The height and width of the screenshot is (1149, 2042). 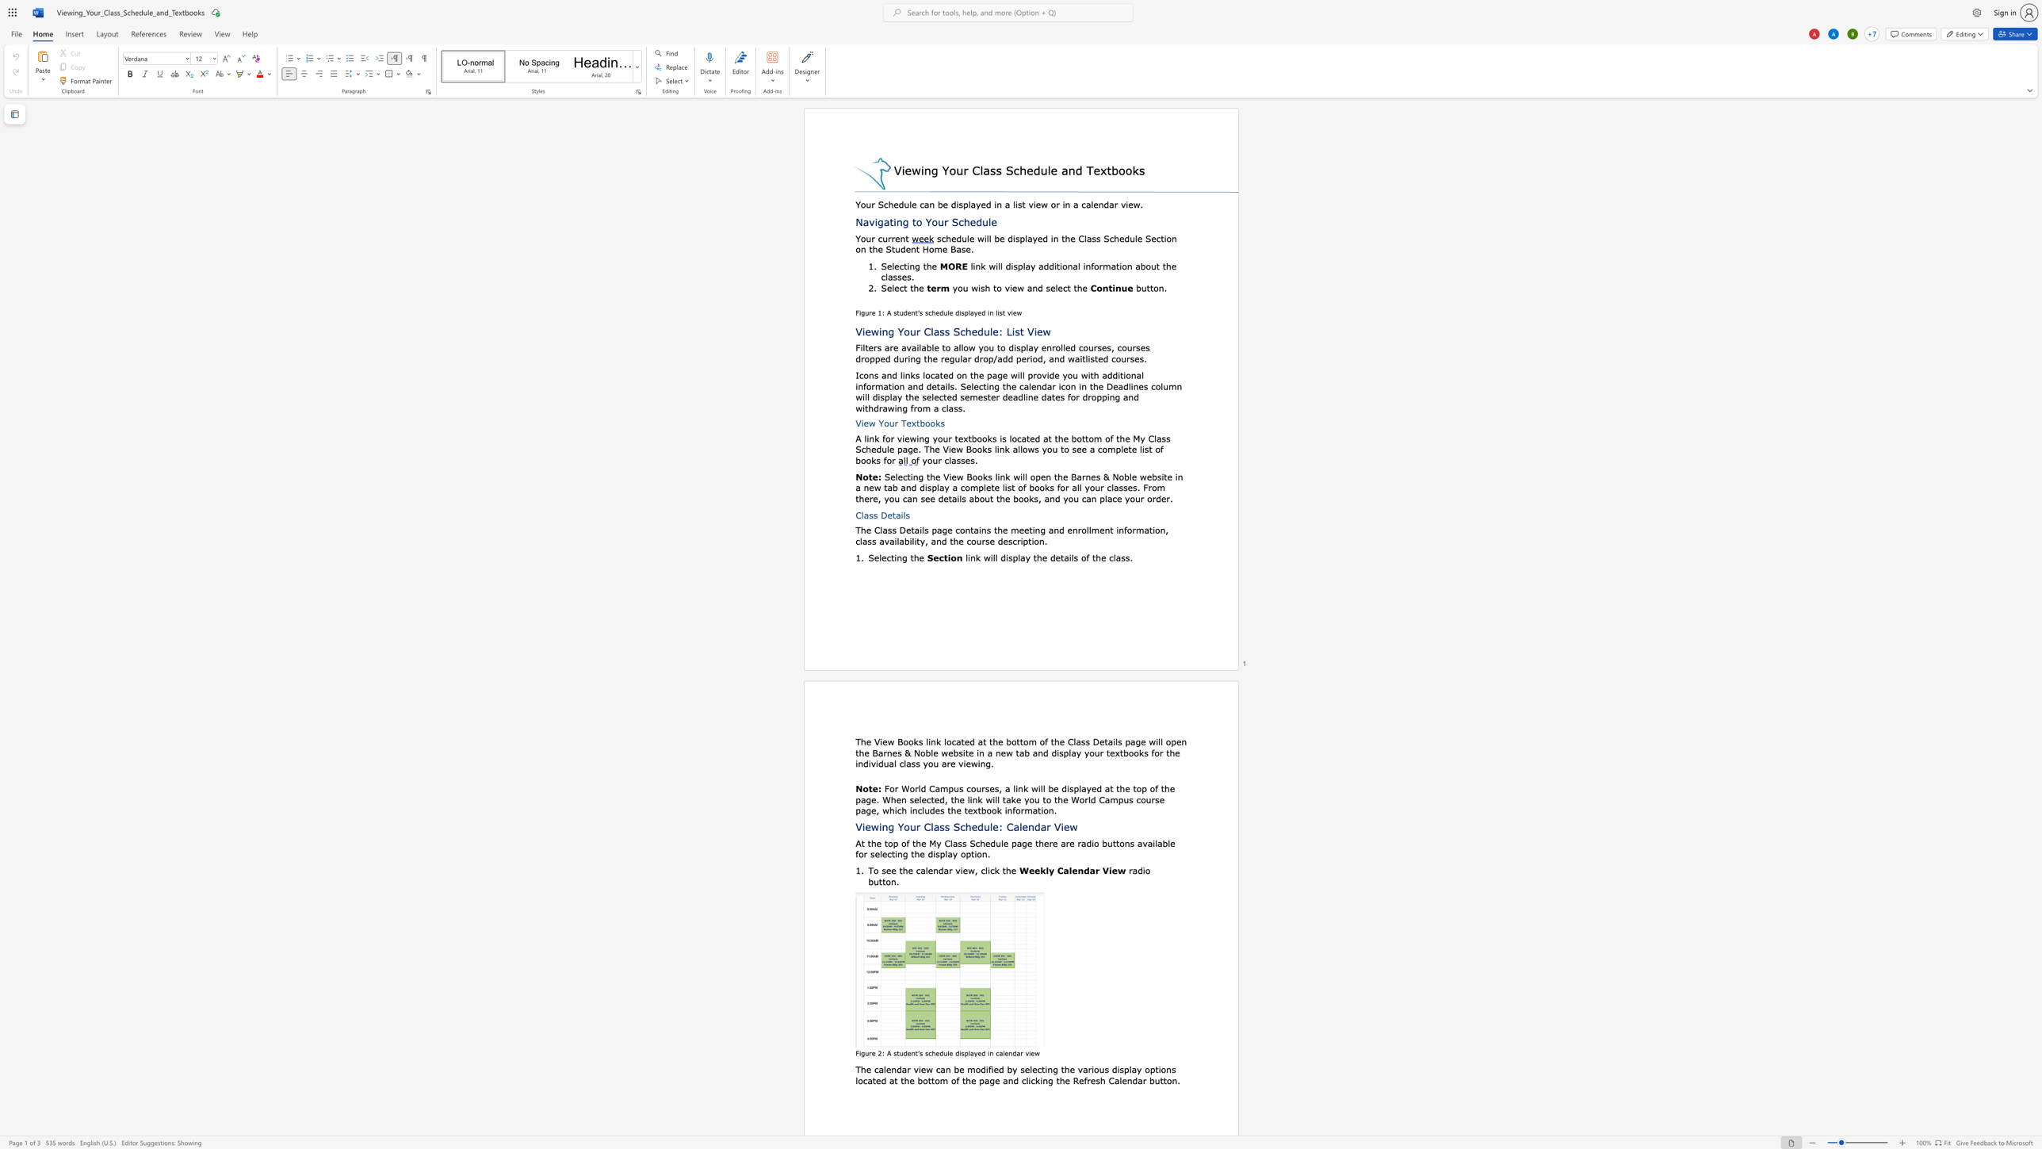 What do you see at coordinates (884, 423) in the screenshot?
I see `the space between the continuous character "Y" and "o" in the text` at bounding box center [884, 423].